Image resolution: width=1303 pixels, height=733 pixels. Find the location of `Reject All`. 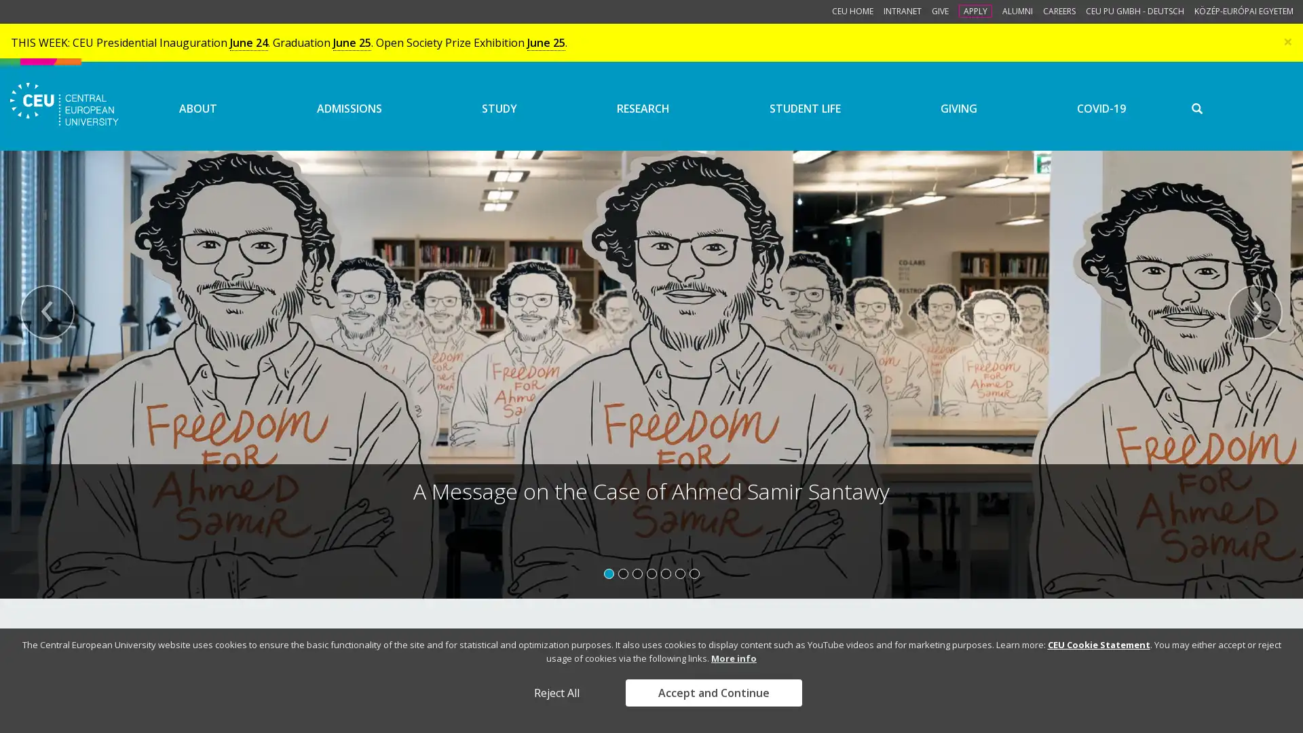

Reject All is located at coordinates (556, 693).